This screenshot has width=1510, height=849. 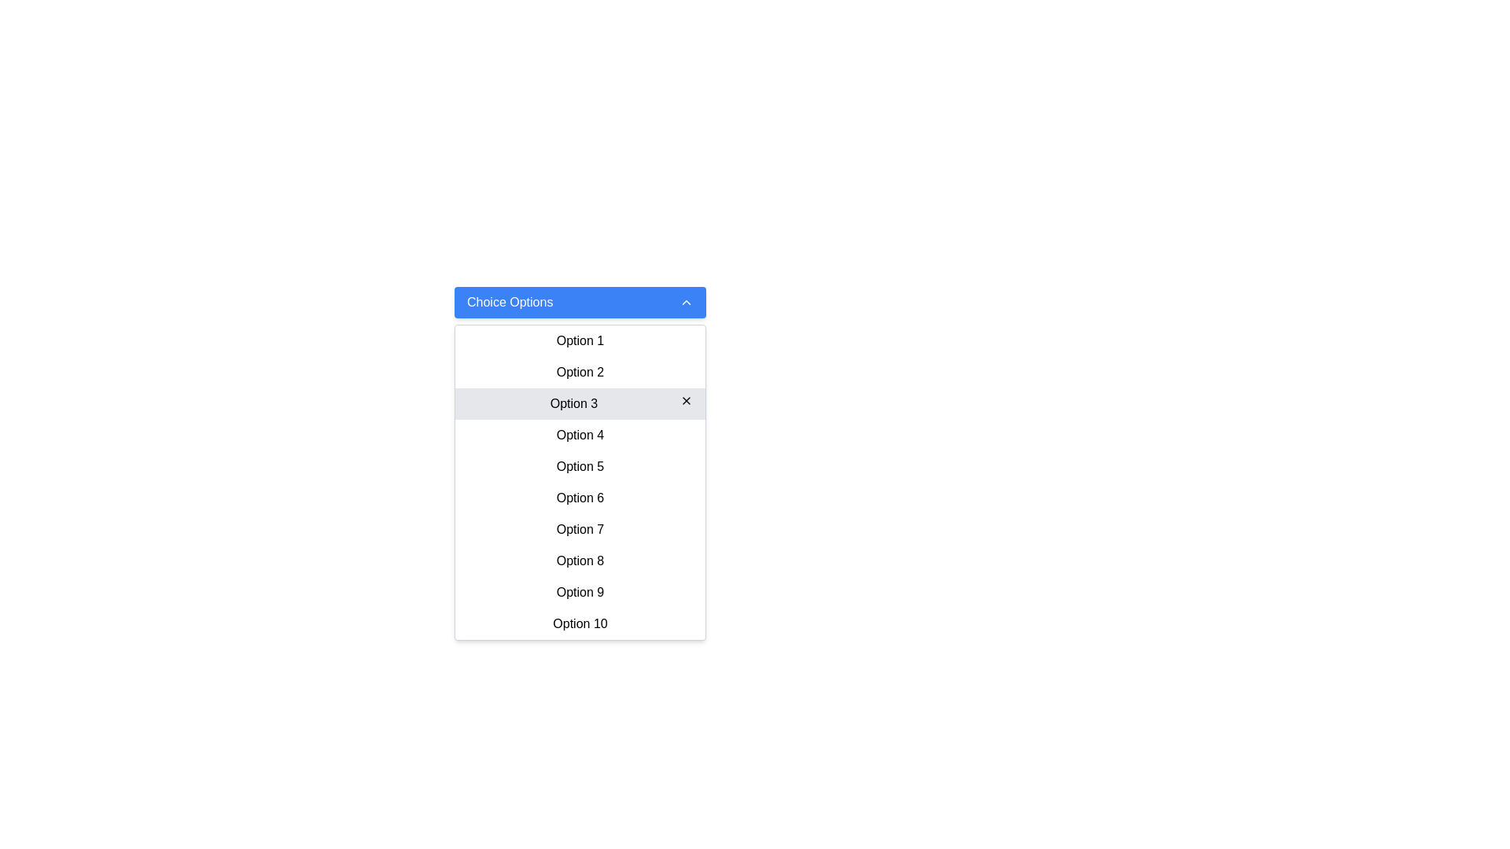 I want to click on the 'Option 6' item in the 'Choice Options' dropdown menu, so click(x=580, y=481).